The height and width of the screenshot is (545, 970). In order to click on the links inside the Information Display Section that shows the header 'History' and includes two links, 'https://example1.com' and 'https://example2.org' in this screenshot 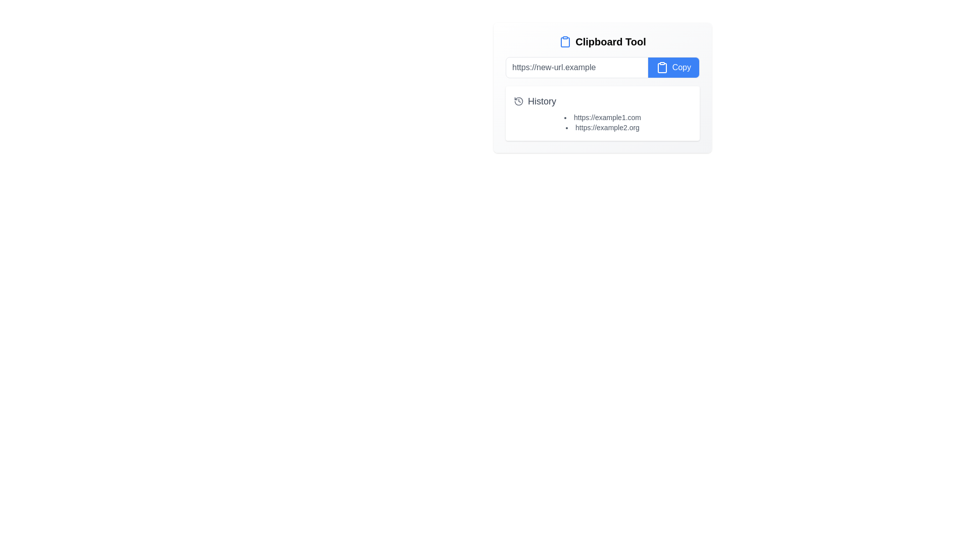, I will do `click(603, 113)`.